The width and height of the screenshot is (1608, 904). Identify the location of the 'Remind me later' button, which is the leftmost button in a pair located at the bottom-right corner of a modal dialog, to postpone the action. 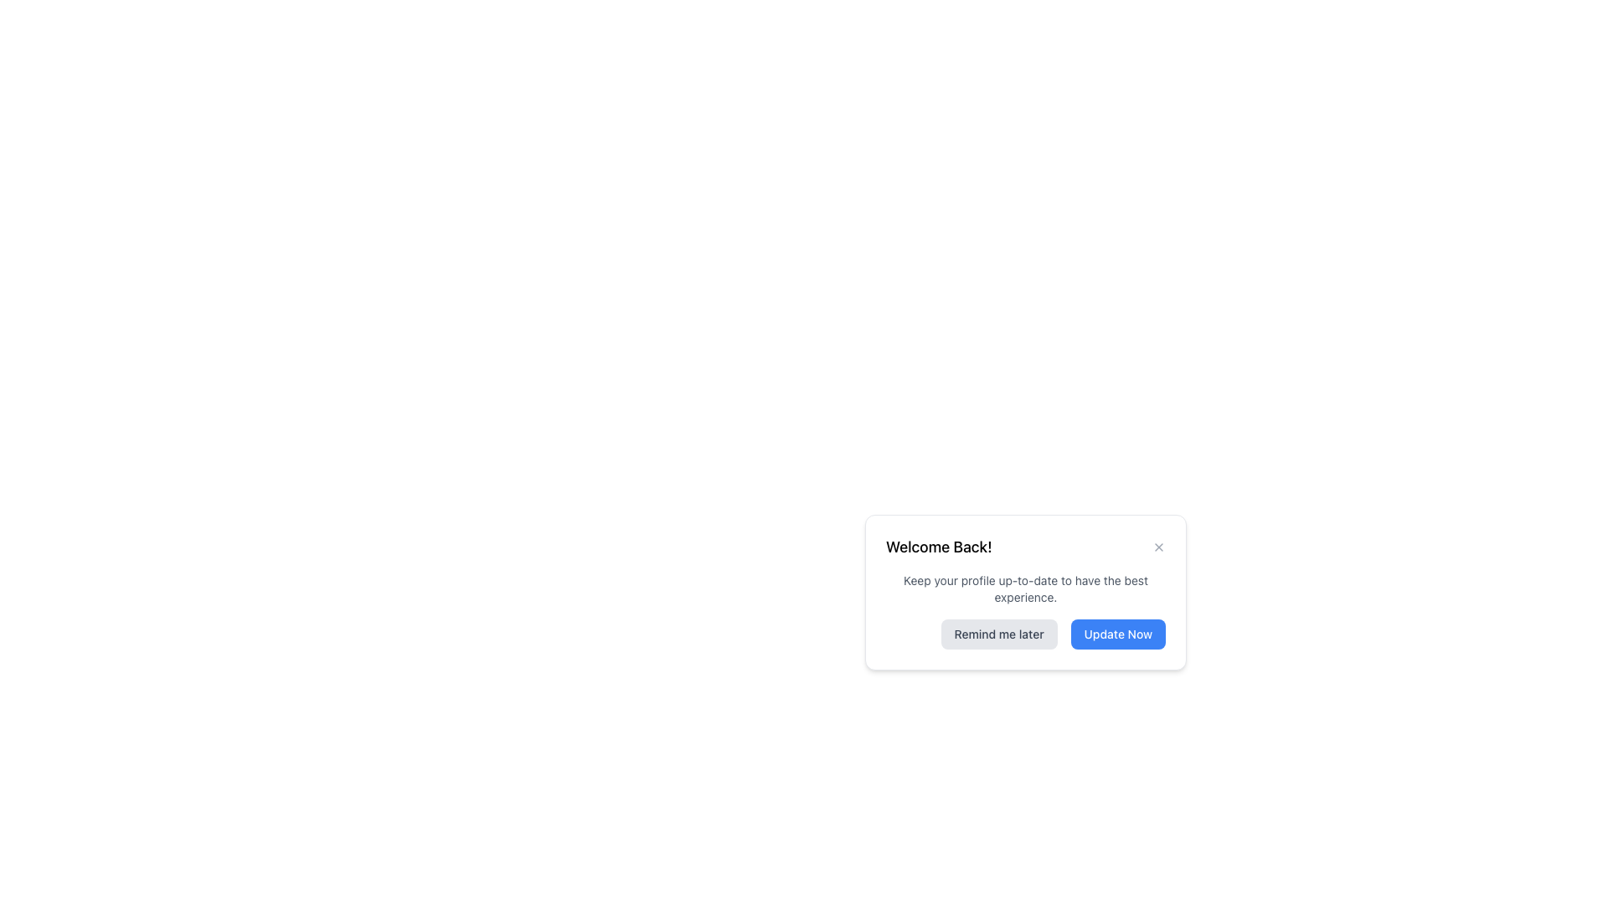
(999, 634).